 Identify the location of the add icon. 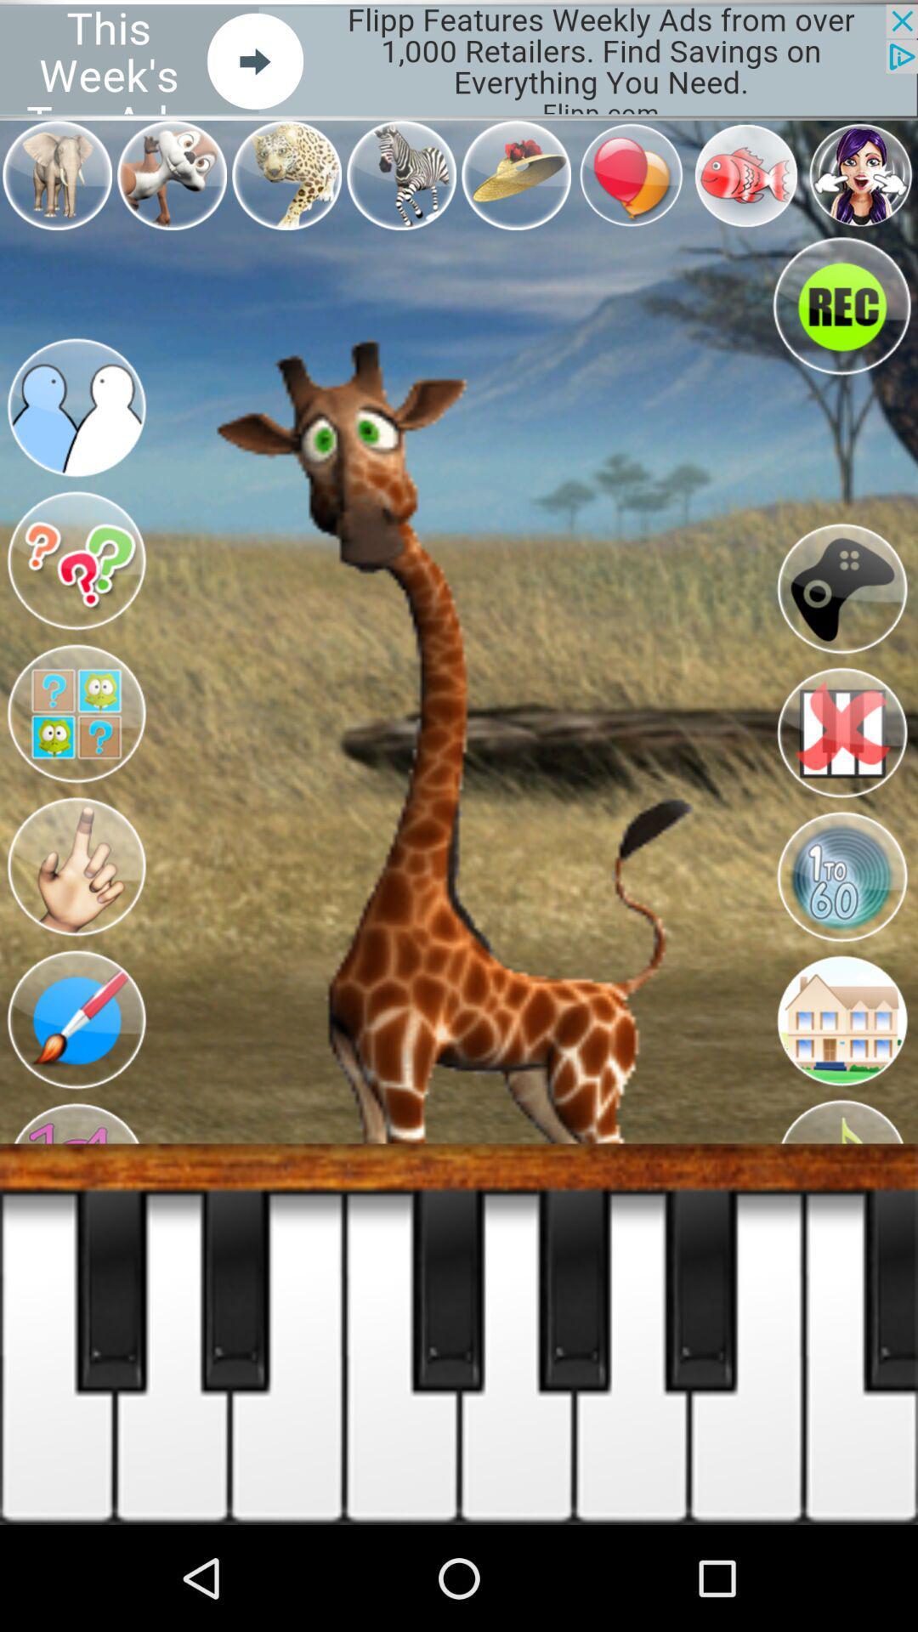
(75, 1419).